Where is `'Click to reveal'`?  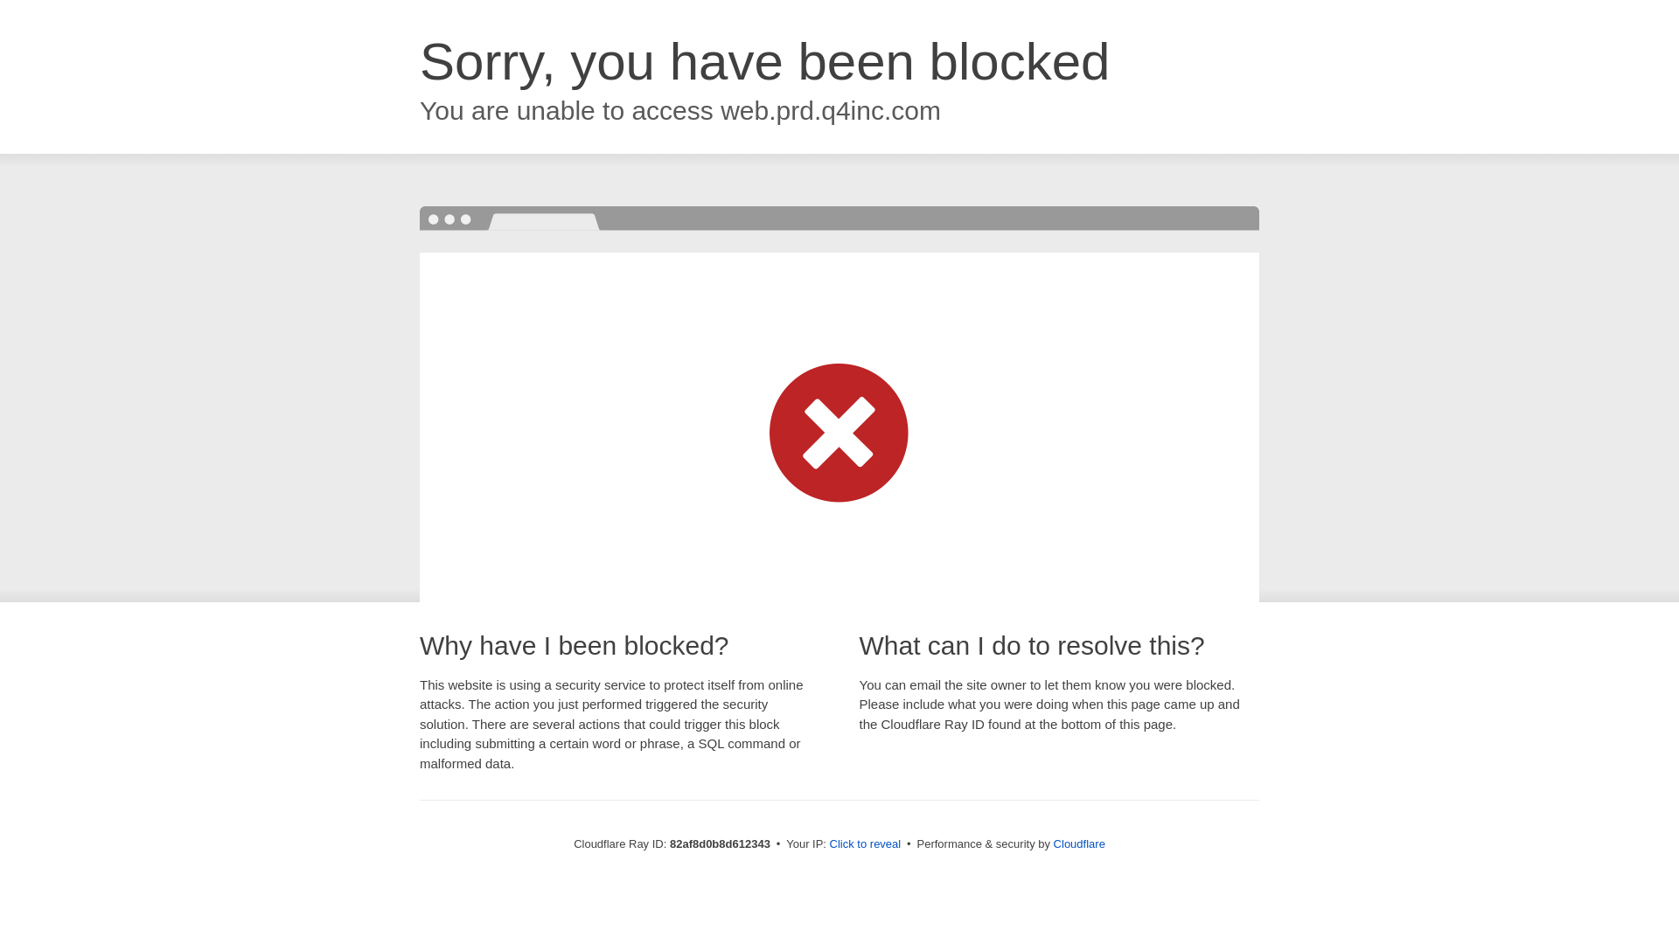 'Click to reveal' is located at coordinates (865, 843).